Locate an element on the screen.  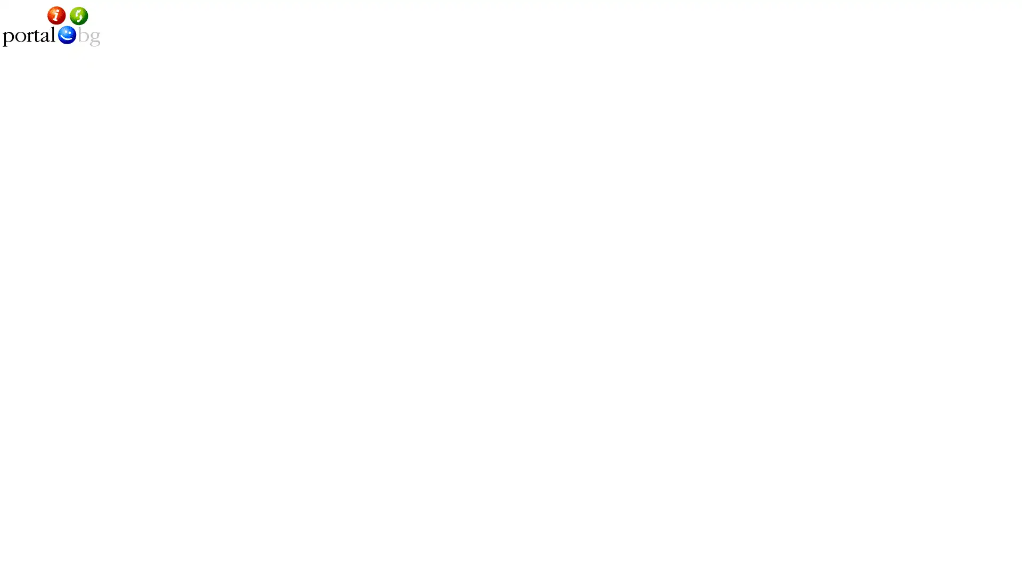
submit is located at coordinates (611, 62).